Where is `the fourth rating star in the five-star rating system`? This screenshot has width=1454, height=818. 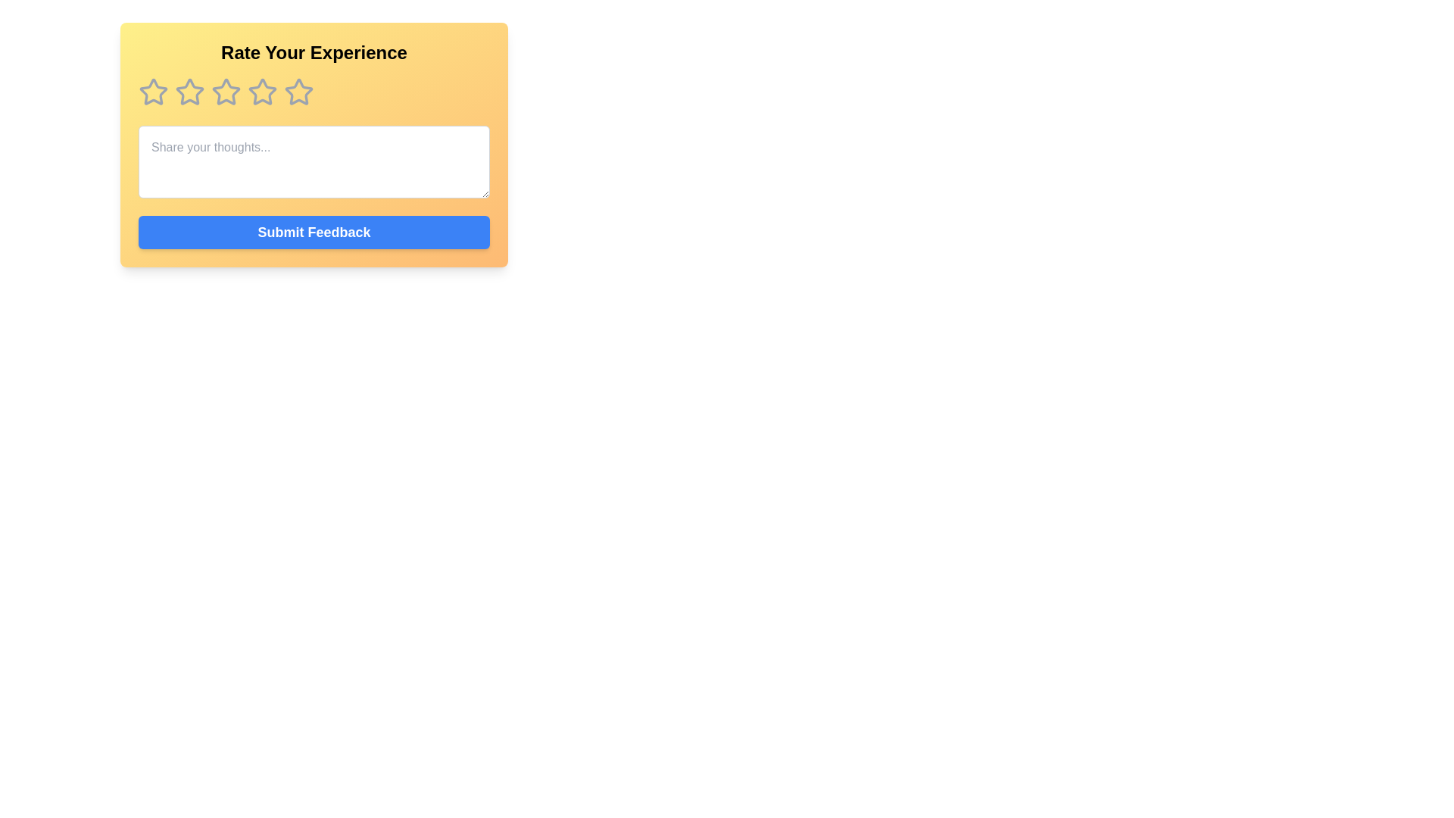
the fourth rating star in the five-star rating system is located at coordinates (298, 92).